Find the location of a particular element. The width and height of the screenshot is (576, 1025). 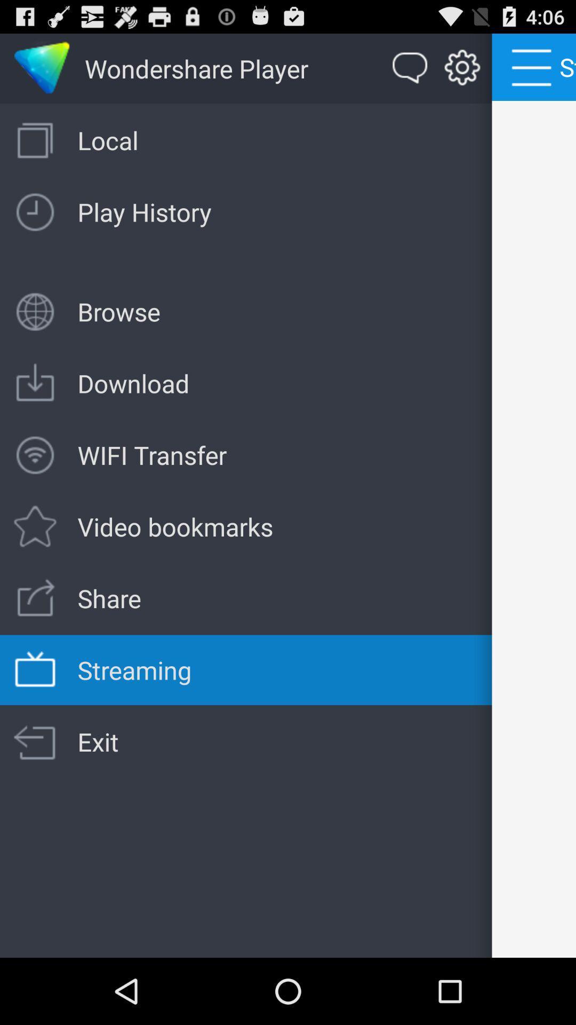

the settings icon is located at coordinates (462, 73).